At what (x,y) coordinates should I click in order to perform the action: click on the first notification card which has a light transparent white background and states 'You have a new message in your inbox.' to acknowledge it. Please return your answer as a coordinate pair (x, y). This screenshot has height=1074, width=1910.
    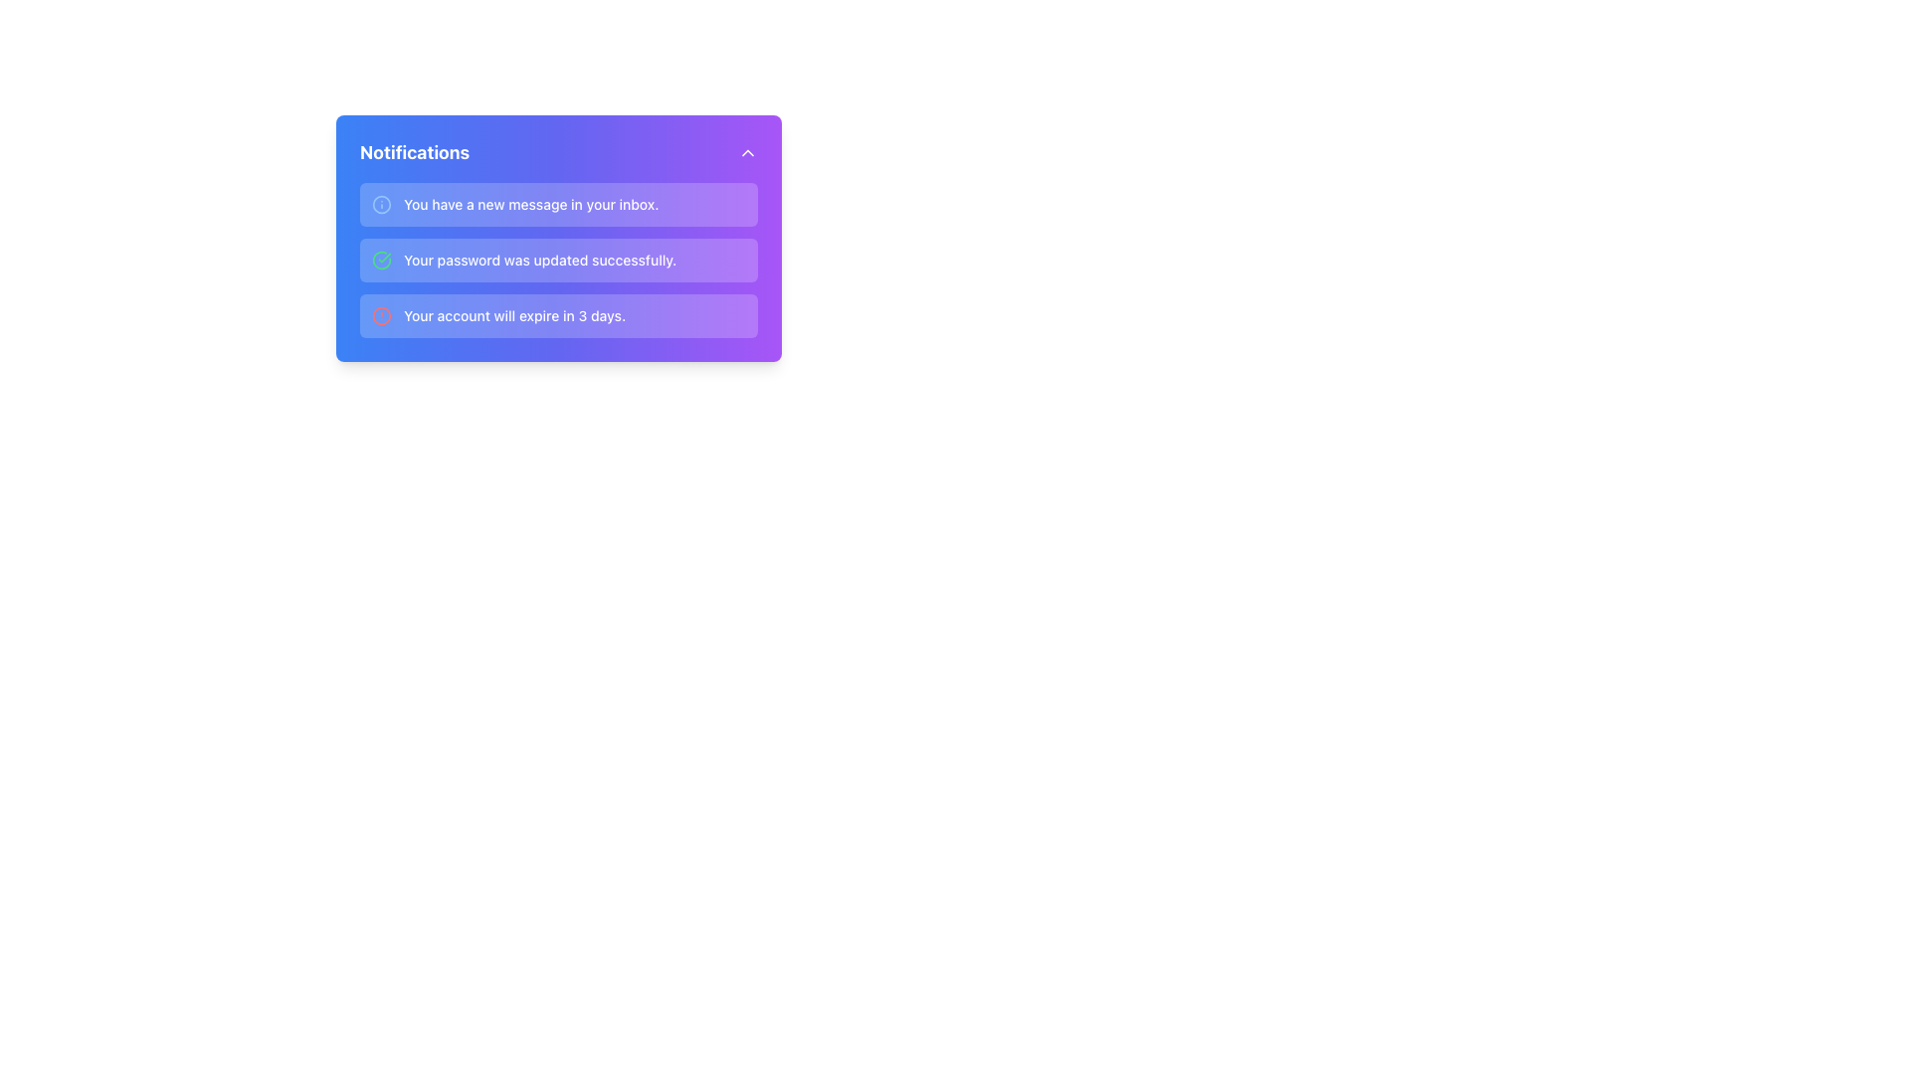
    Looking at the image, I should click on (557, 204).